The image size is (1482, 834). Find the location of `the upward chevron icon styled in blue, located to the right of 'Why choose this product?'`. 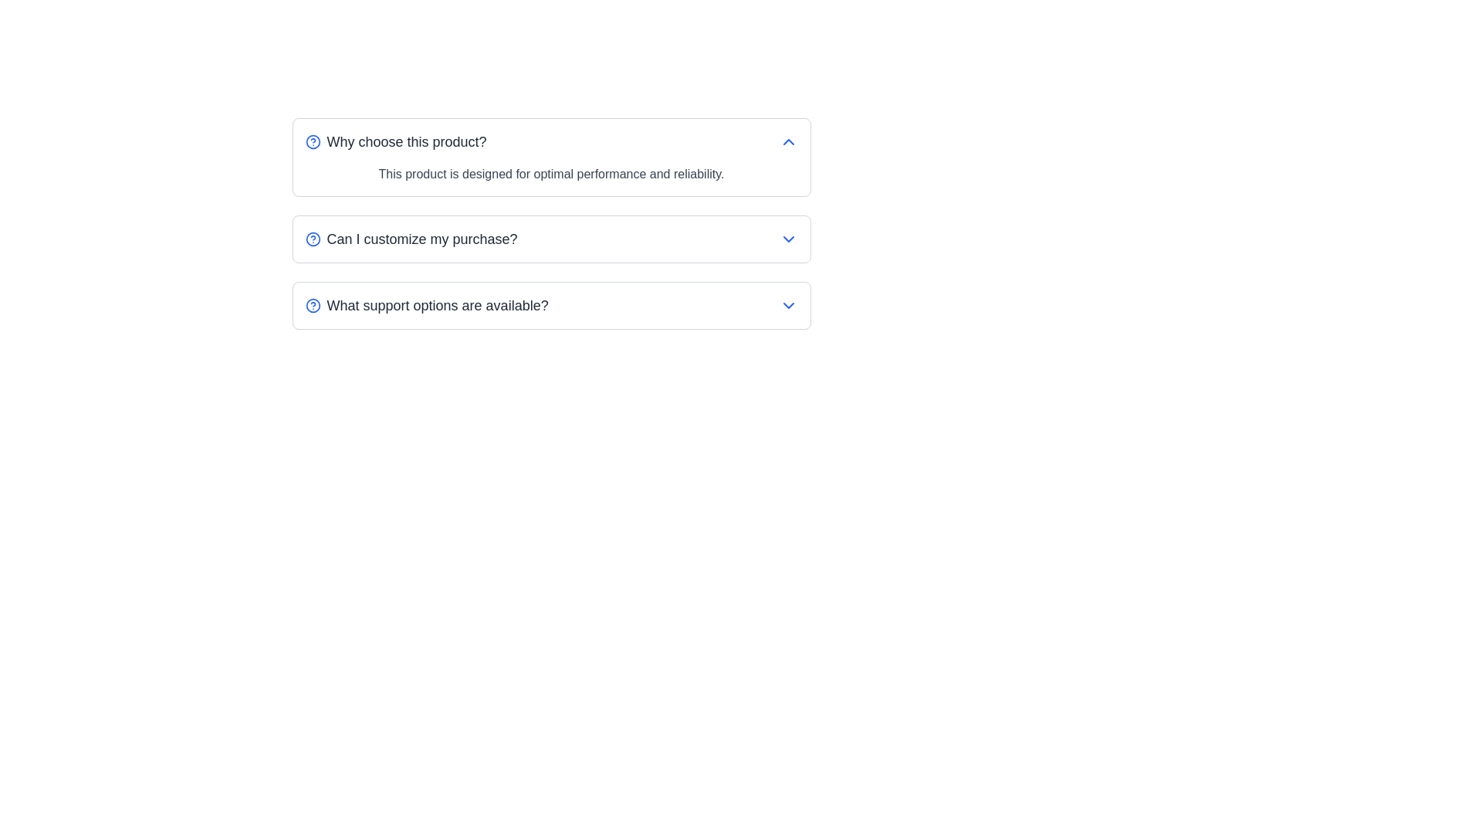

the upward chevron icon styled in blue, located to the right of 'Why choose this product?' is located at coordinates (788, 142).